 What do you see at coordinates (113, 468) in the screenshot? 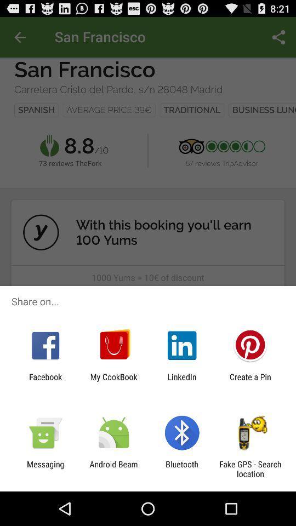
I see `the icon next to the messaging item` at bounding box center [113, 468].